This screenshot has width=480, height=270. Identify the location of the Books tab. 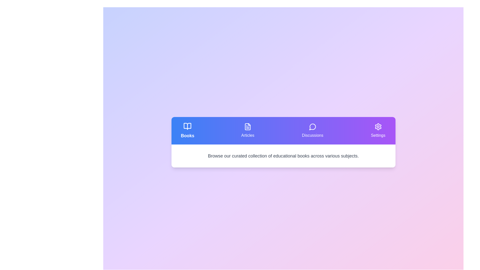
(187, 130).